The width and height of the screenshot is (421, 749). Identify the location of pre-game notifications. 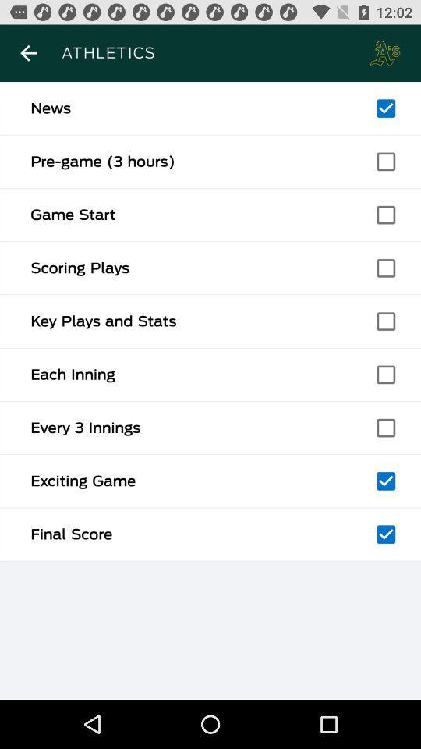
(385, 162).